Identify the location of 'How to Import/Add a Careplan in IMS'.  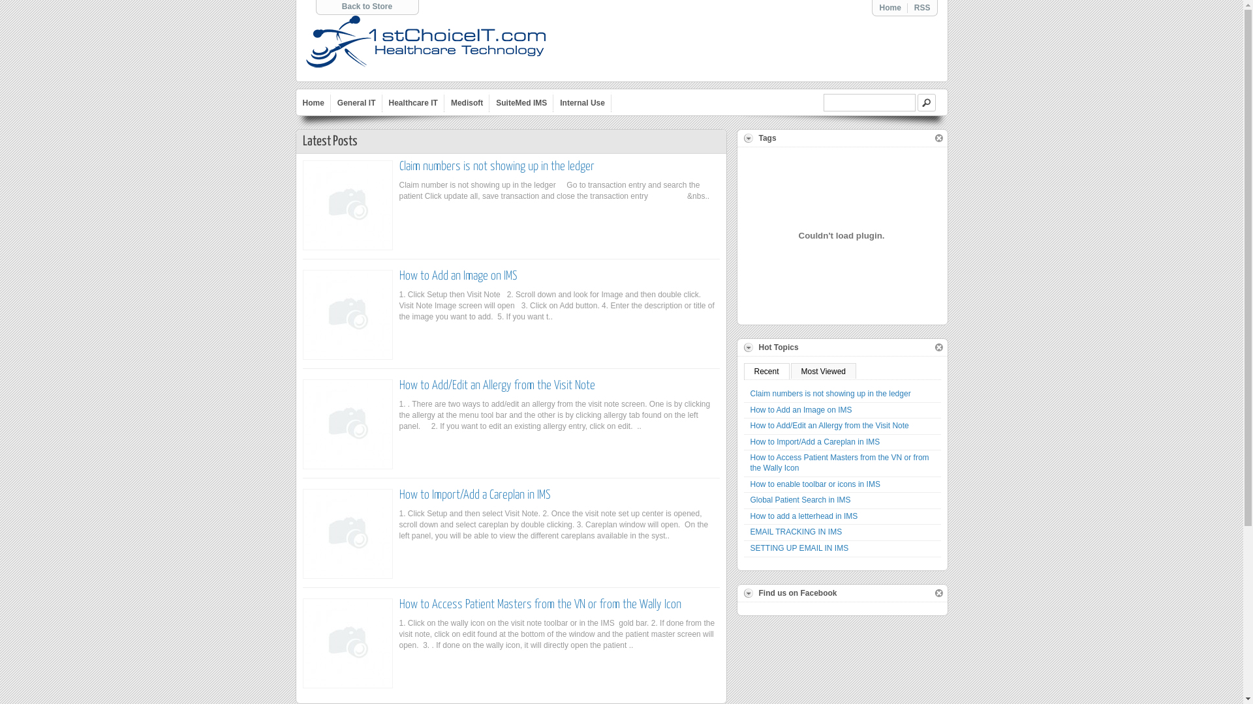
(843, 442).